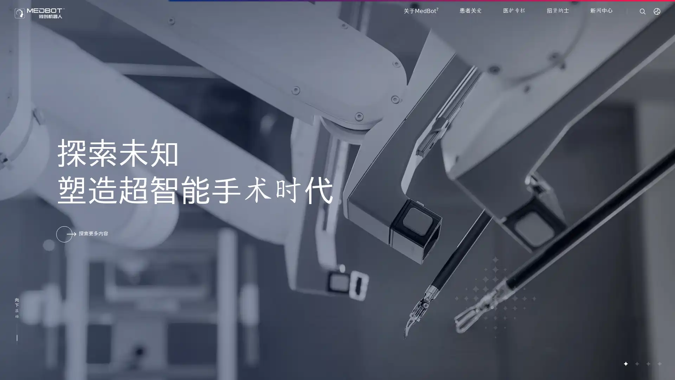  I want to click on Go to slide 2, so click(636, 363).